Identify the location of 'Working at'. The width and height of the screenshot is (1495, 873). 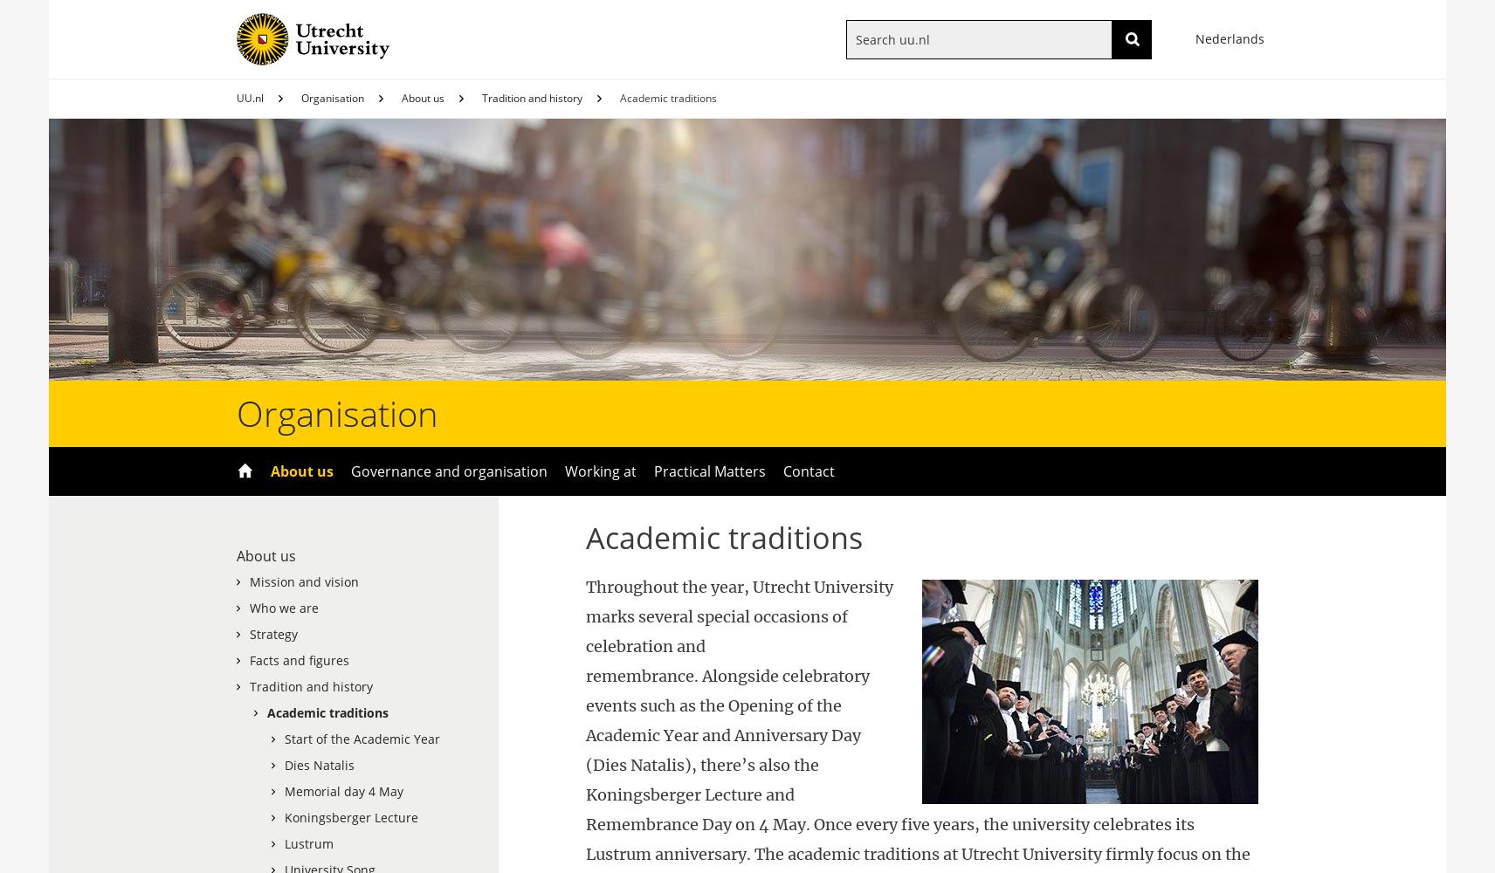
(601, 471).